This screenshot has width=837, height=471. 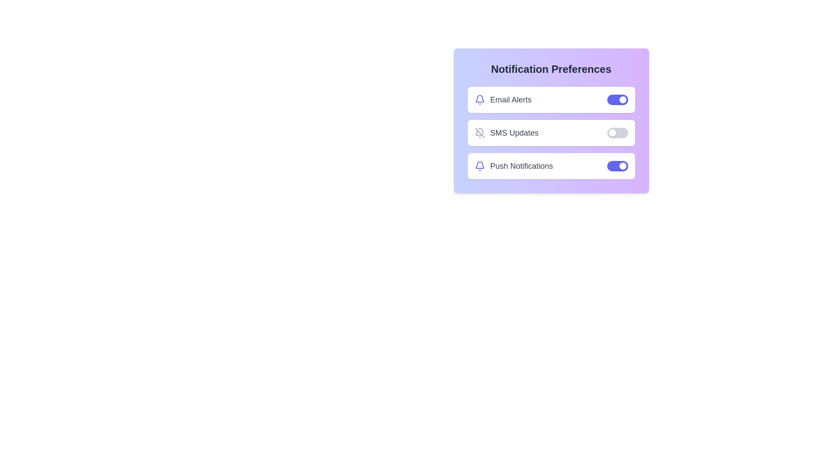 I want to click on the background container of the Notification Preferences component, so click(x=551, y=121).